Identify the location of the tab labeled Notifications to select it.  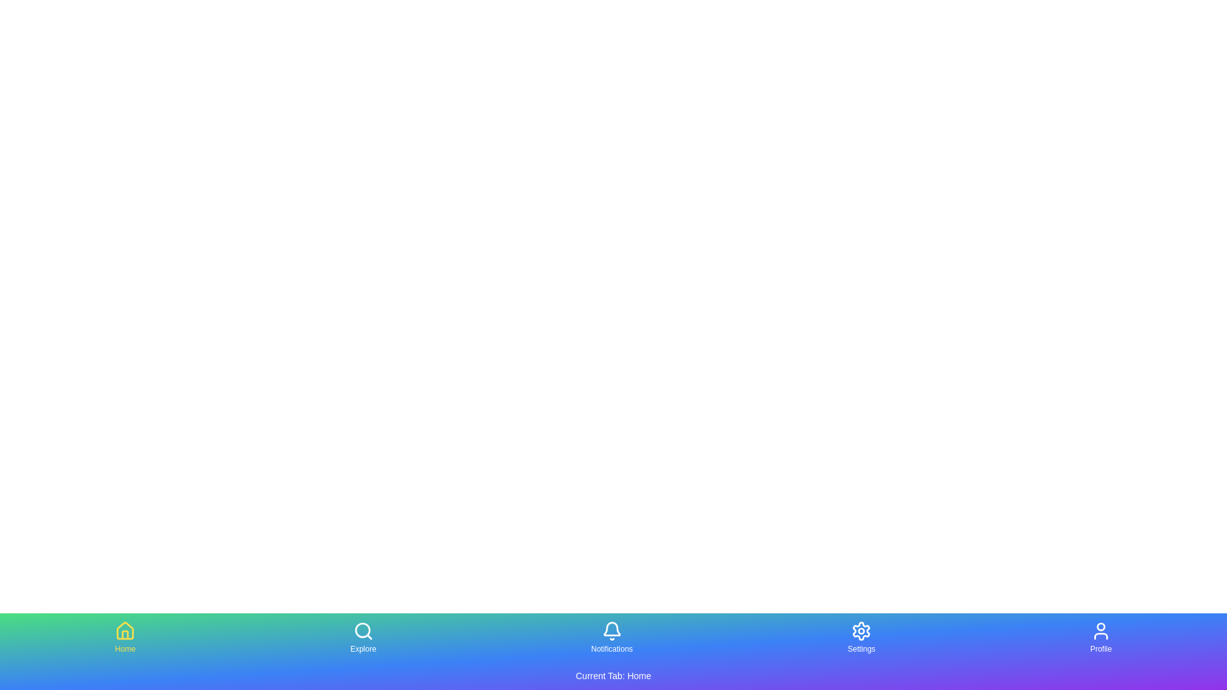
(610, 638).